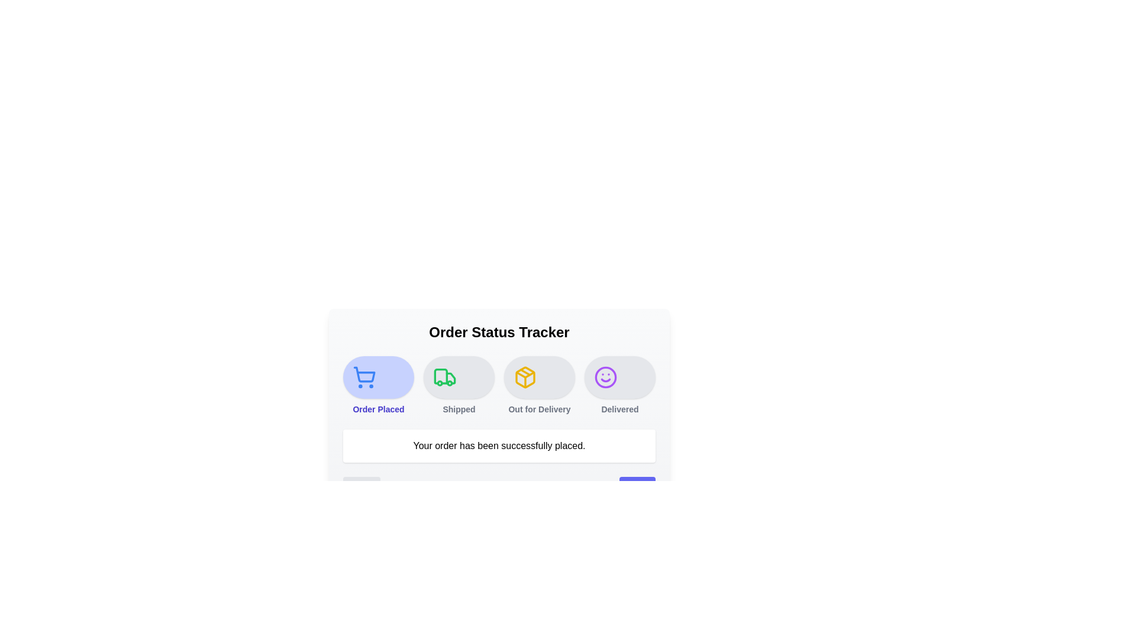 This screenshot has width=1136, height=639. I want to click on the step icon corresponding to Order Placed to highlight it and view its details, so click(377, 377).